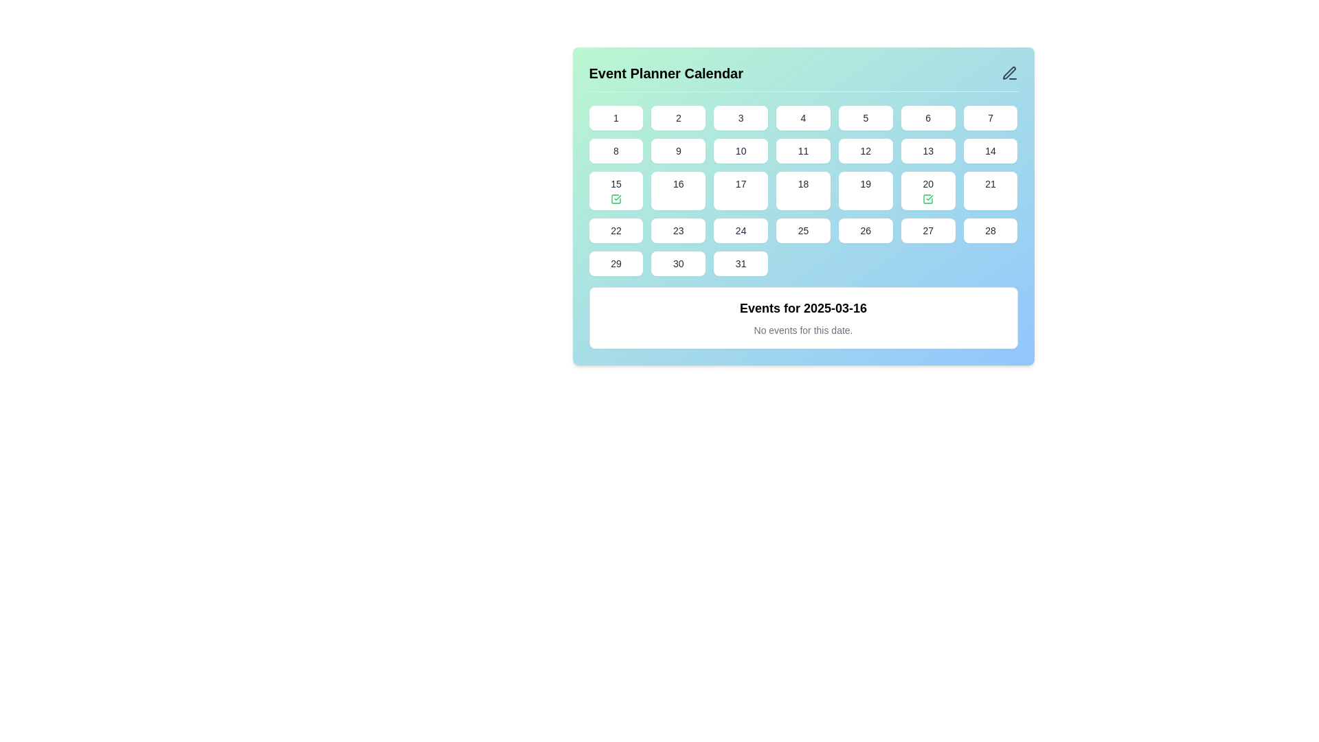 Image resolution: width=1319 pixels, height=742 pixels. Describe the element at coordinates (615, 190) in the screenshot. I see `the Date Tile displaying the number '15' with a green checkmark icon, located` at that location.